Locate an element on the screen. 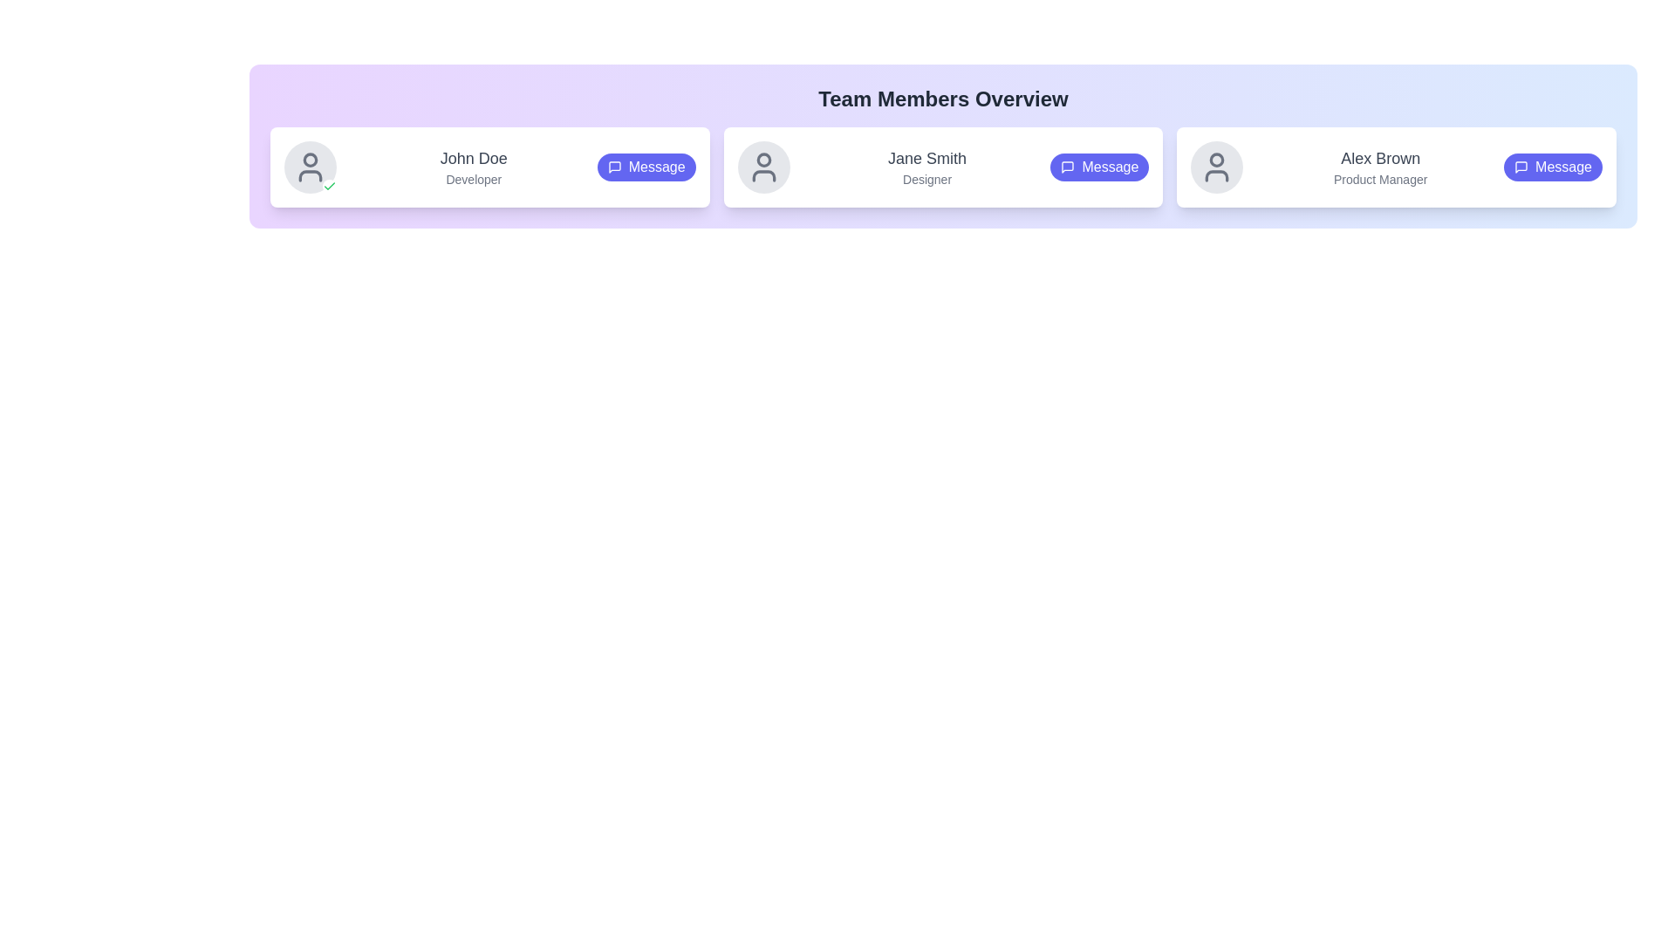 The height and width of the screenshot is (942, 1675). the text 'John Doe' for copy-paste from the Text Label element styled with medium weight and light gray color, located in the first card component in the top-left part of the interface is located at coordinates (474, 158).